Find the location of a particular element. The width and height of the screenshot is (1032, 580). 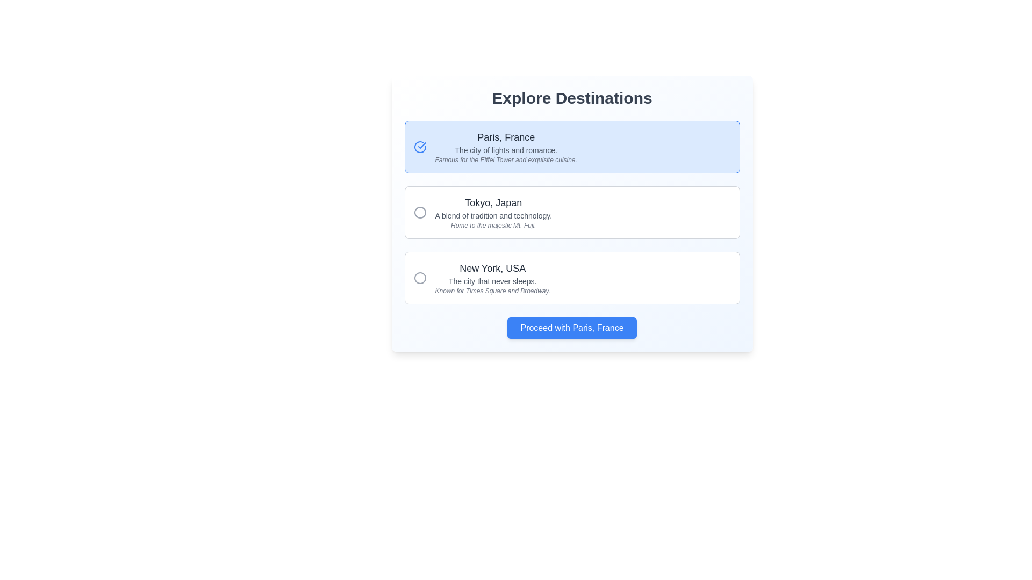

graphical checkmark icon with a blue stroke, located within the blue circular icon preceding the 'Paris, France' option in the selectable options panel is located at coordinates (421, 145).